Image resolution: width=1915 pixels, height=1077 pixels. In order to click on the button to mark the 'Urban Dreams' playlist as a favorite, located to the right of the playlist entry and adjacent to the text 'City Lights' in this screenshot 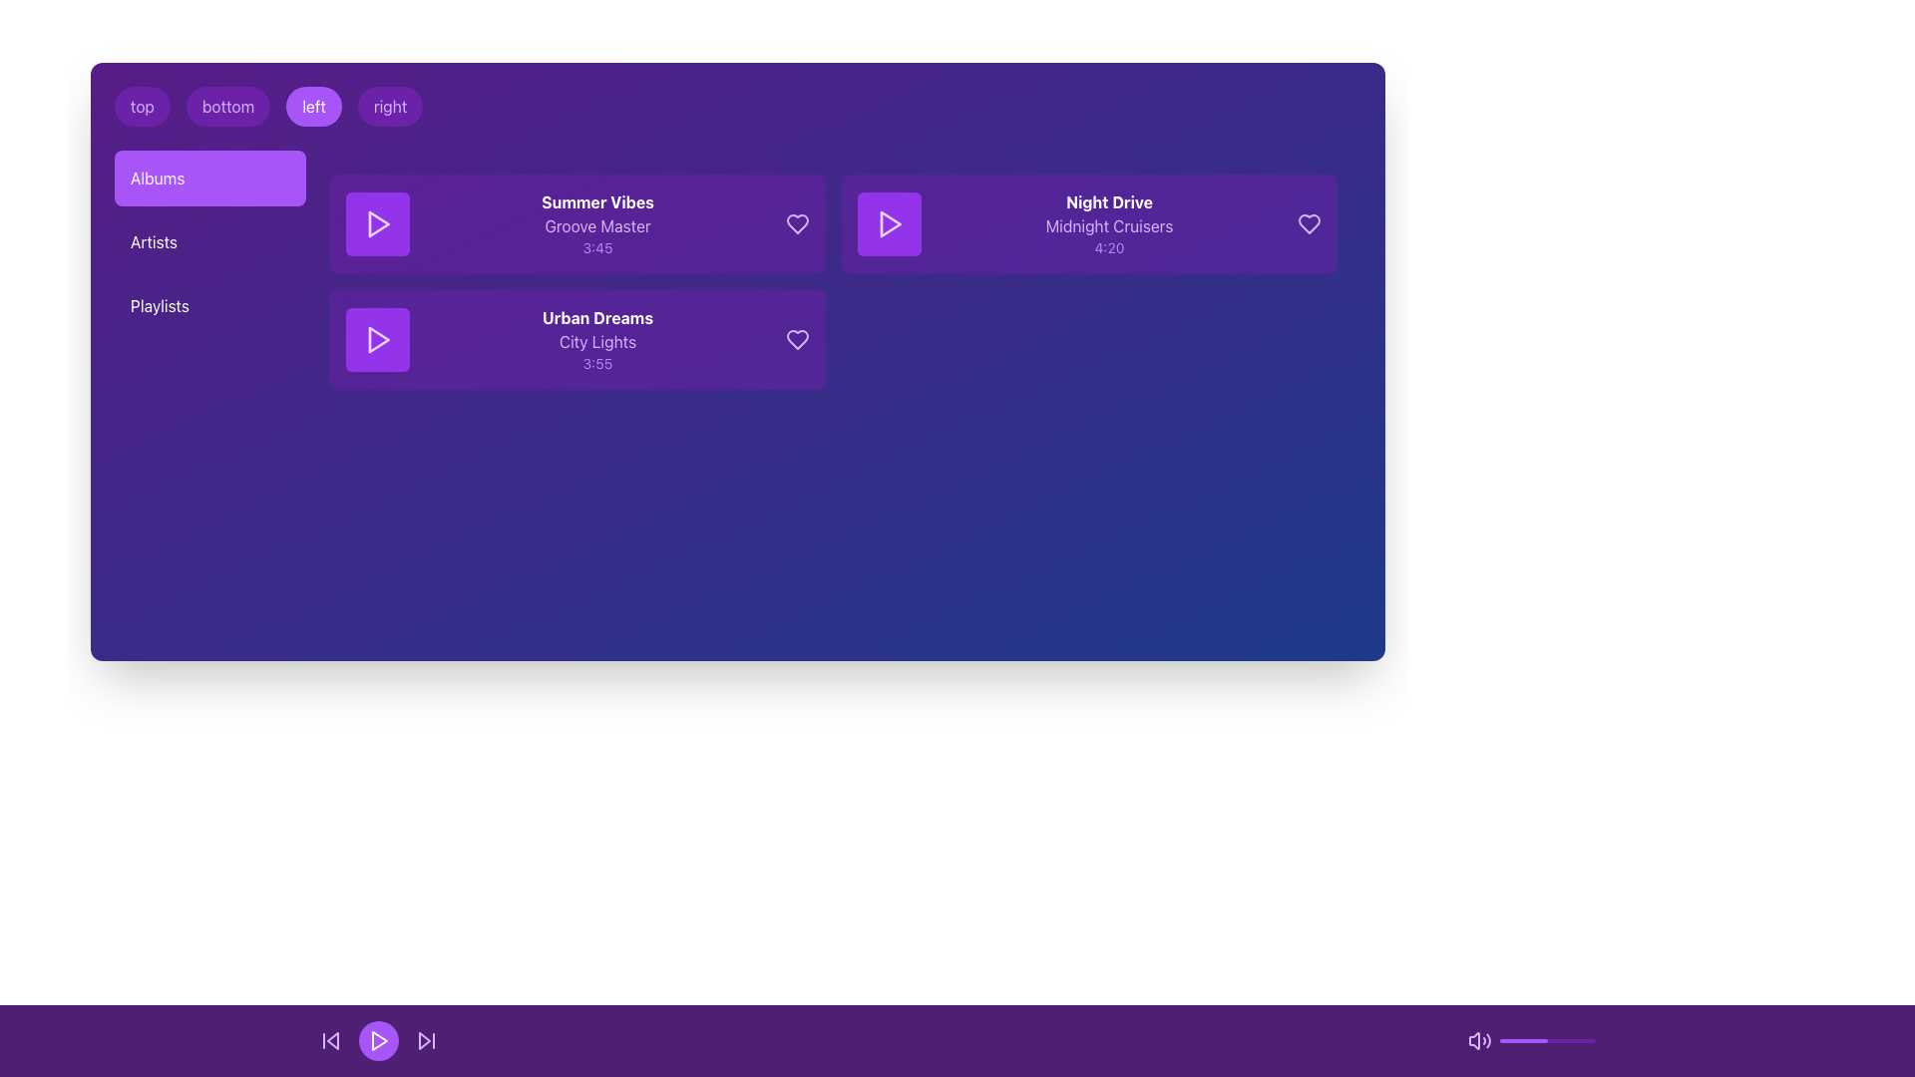, I will do `click(798, 338)`.